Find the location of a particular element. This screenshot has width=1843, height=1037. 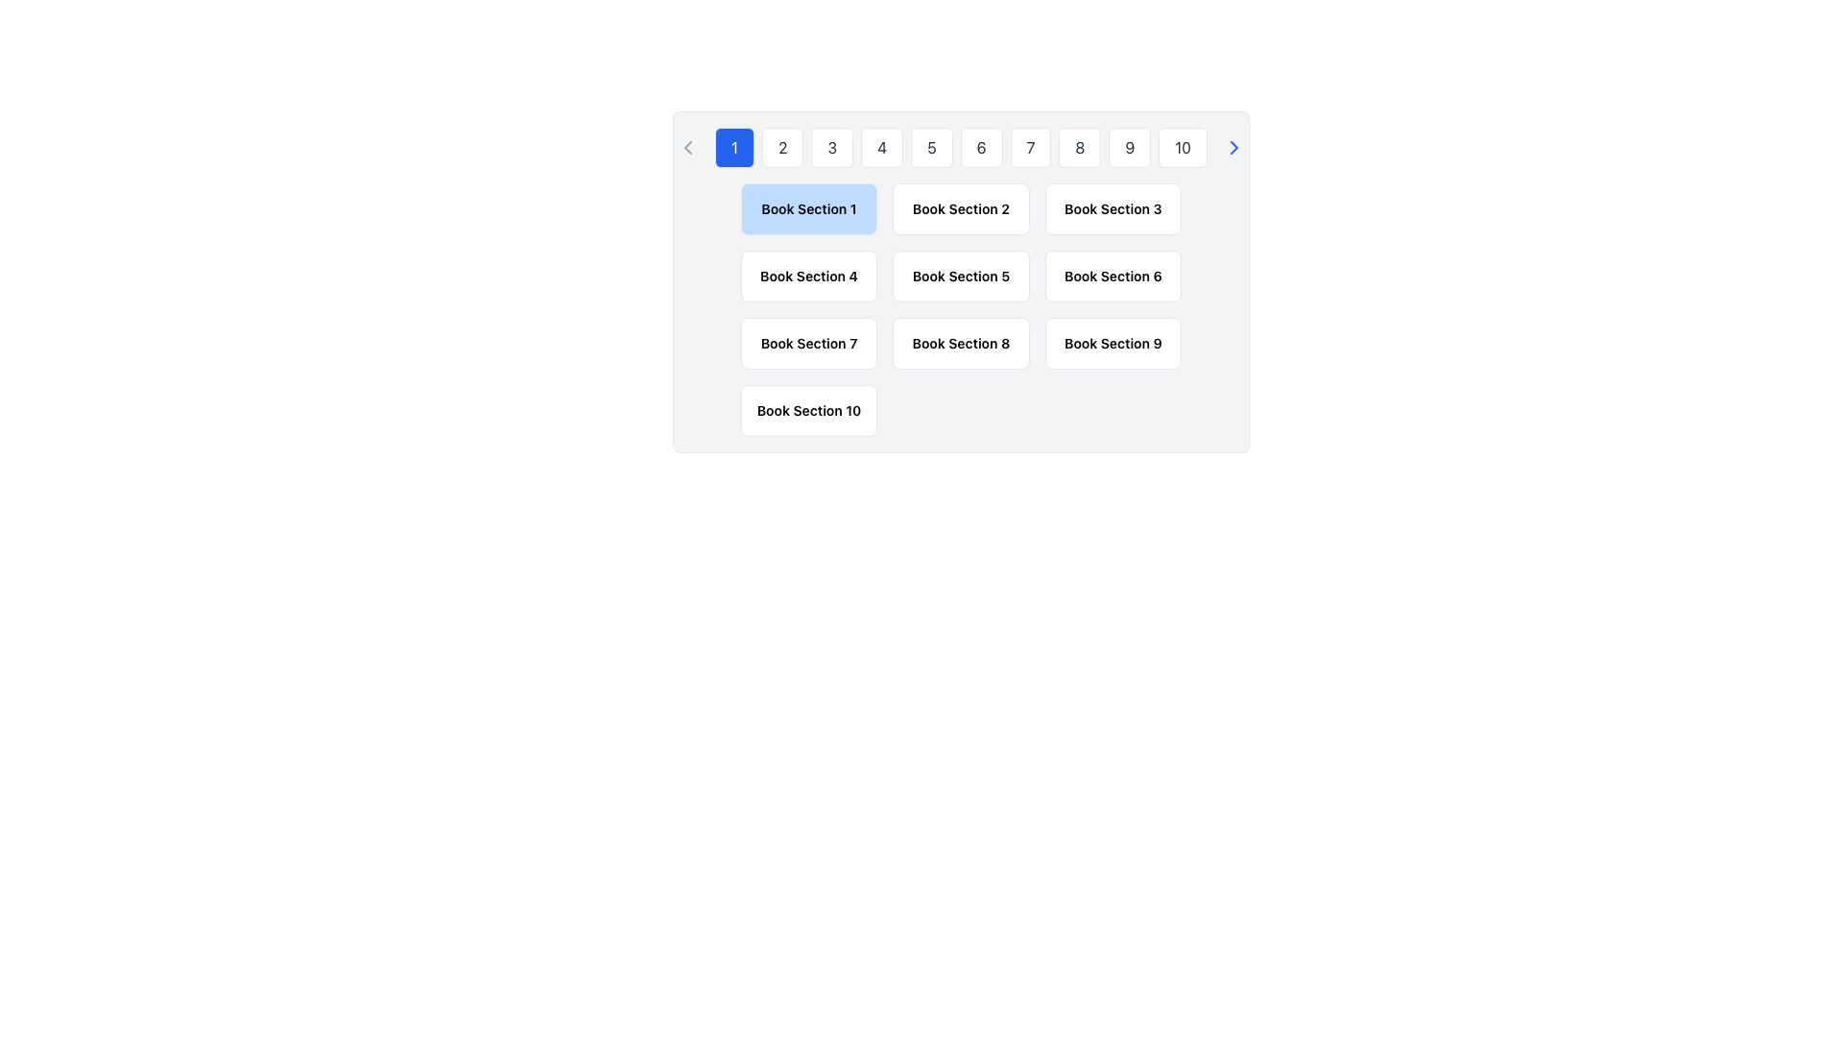

the text label displaying 'Book Section 4', which is styled in a smaller font size and emboldened, located in the second row of the grid layout is located at coordinates (809, 277).